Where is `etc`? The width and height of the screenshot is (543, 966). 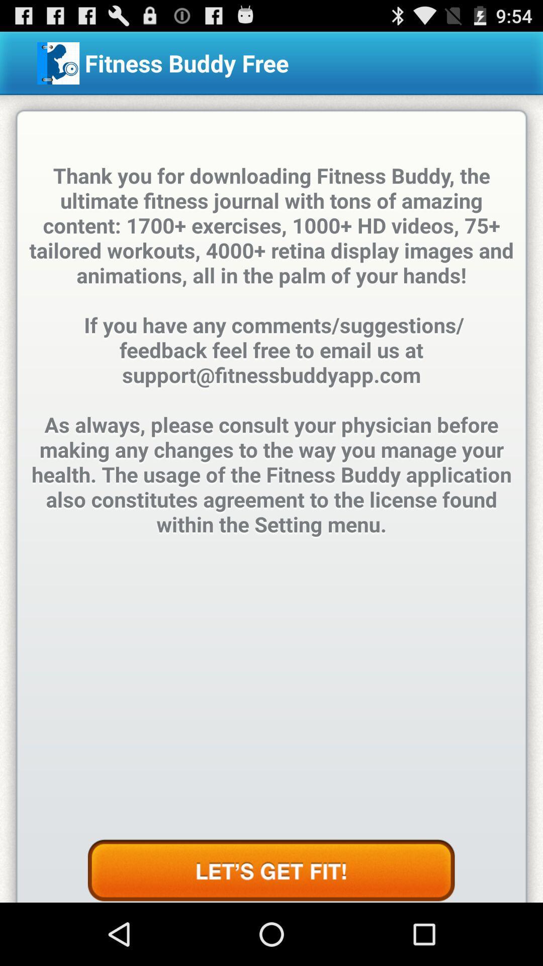 etc is located at coordinates (270, 870).